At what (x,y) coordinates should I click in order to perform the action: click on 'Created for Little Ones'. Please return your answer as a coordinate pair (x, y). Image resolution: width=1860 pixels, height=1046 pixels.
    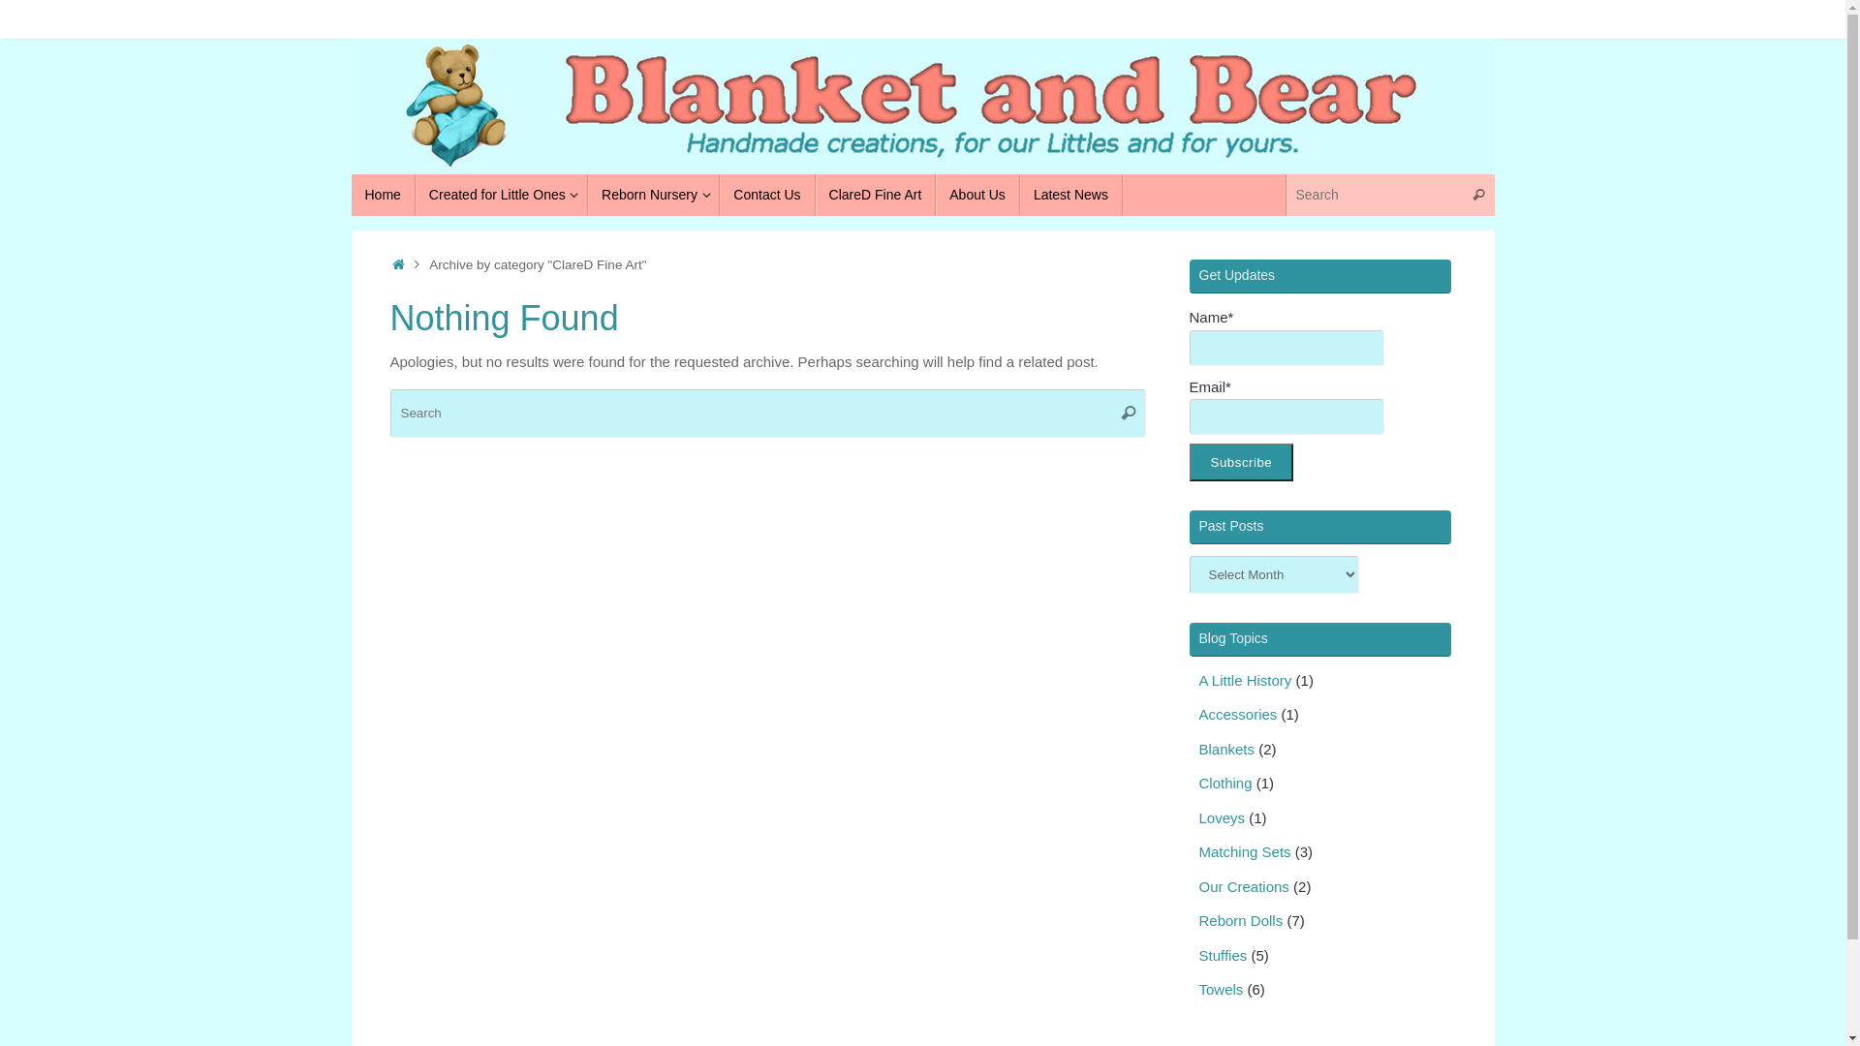
    Looking at the image, I should click on (502, 195).